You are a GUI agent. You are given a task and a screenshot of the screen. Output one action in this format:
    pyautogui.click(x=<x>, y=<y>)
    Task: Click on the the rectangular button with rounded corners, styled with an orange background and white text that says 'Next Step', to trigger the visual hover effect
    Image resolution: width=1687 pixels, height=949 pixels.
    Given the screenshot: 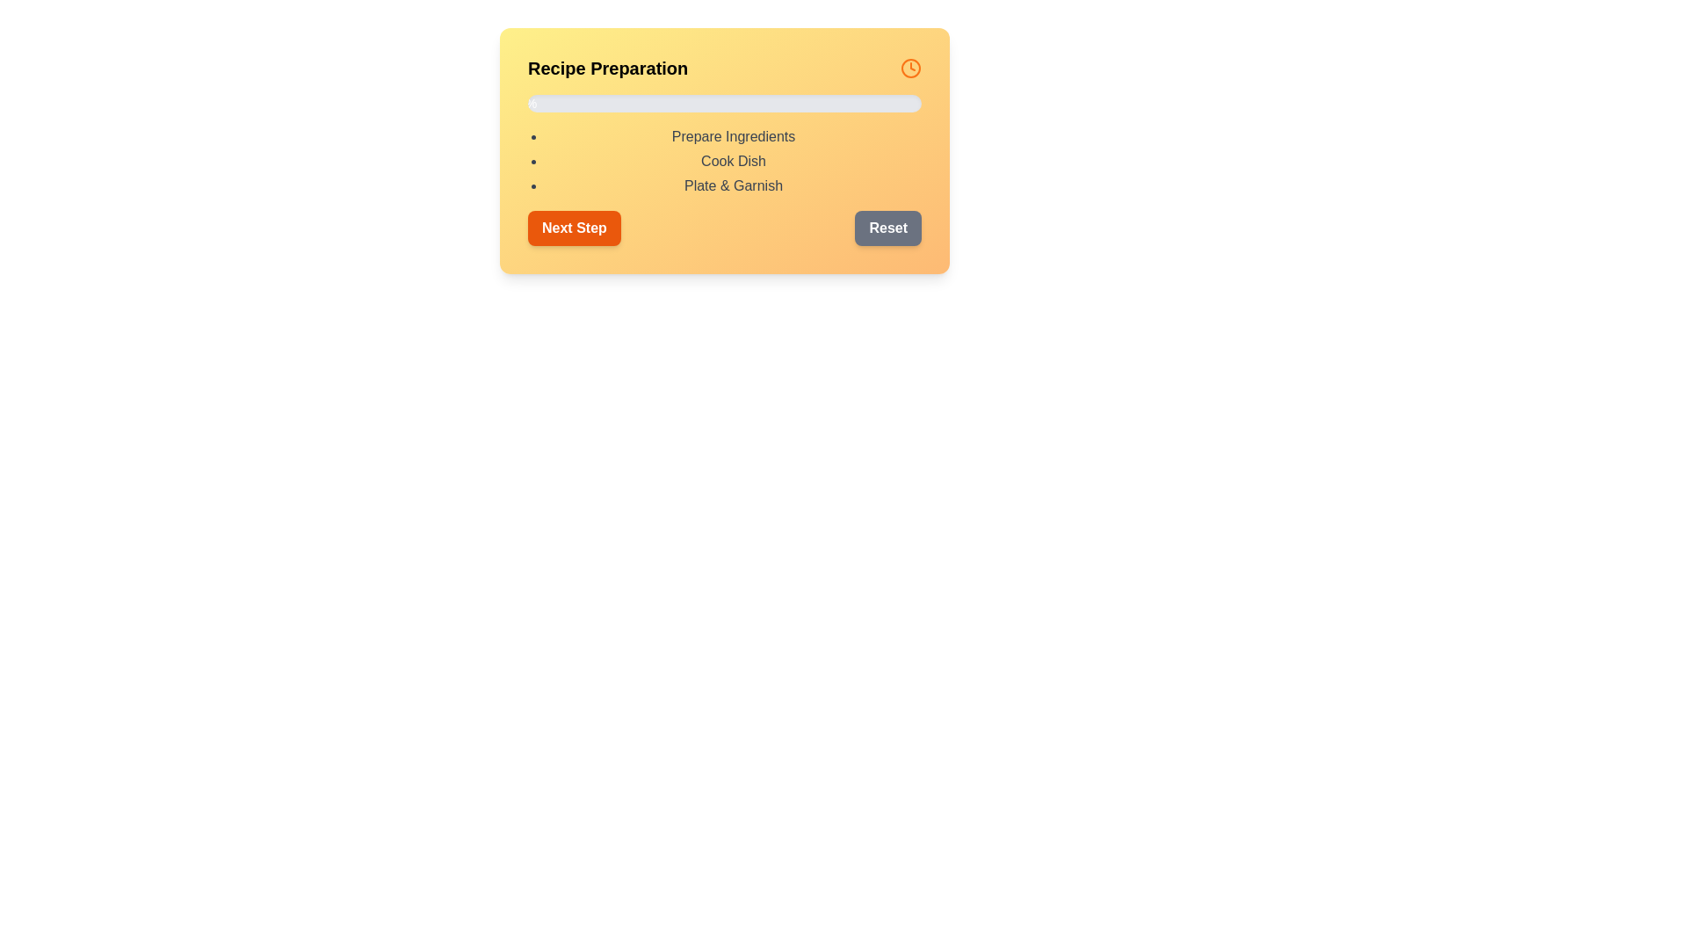 What is the action you would take?
    pyautogui.click(x=574, y=227)
    